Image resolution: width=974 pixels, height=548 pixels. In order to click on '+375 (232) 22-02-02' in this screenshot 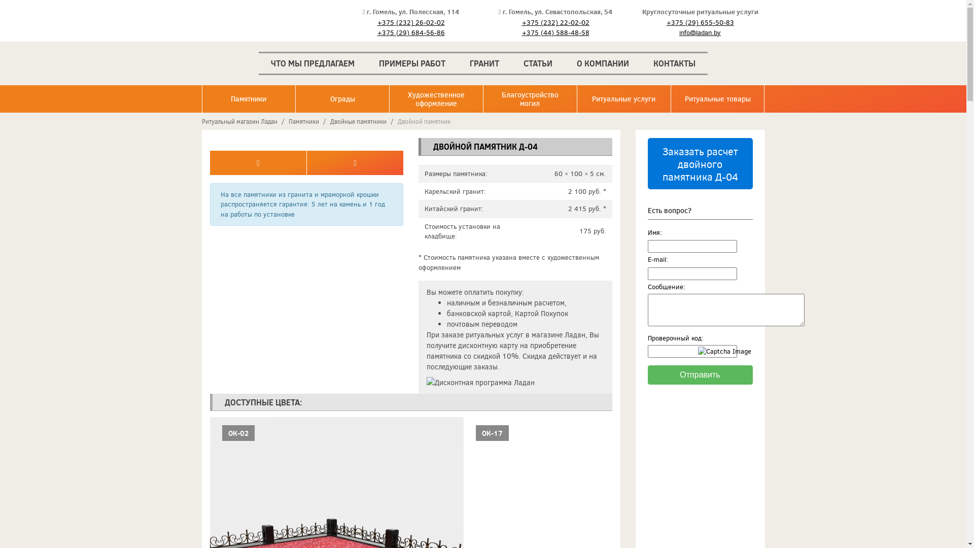, I will do `click(555, 22)`.